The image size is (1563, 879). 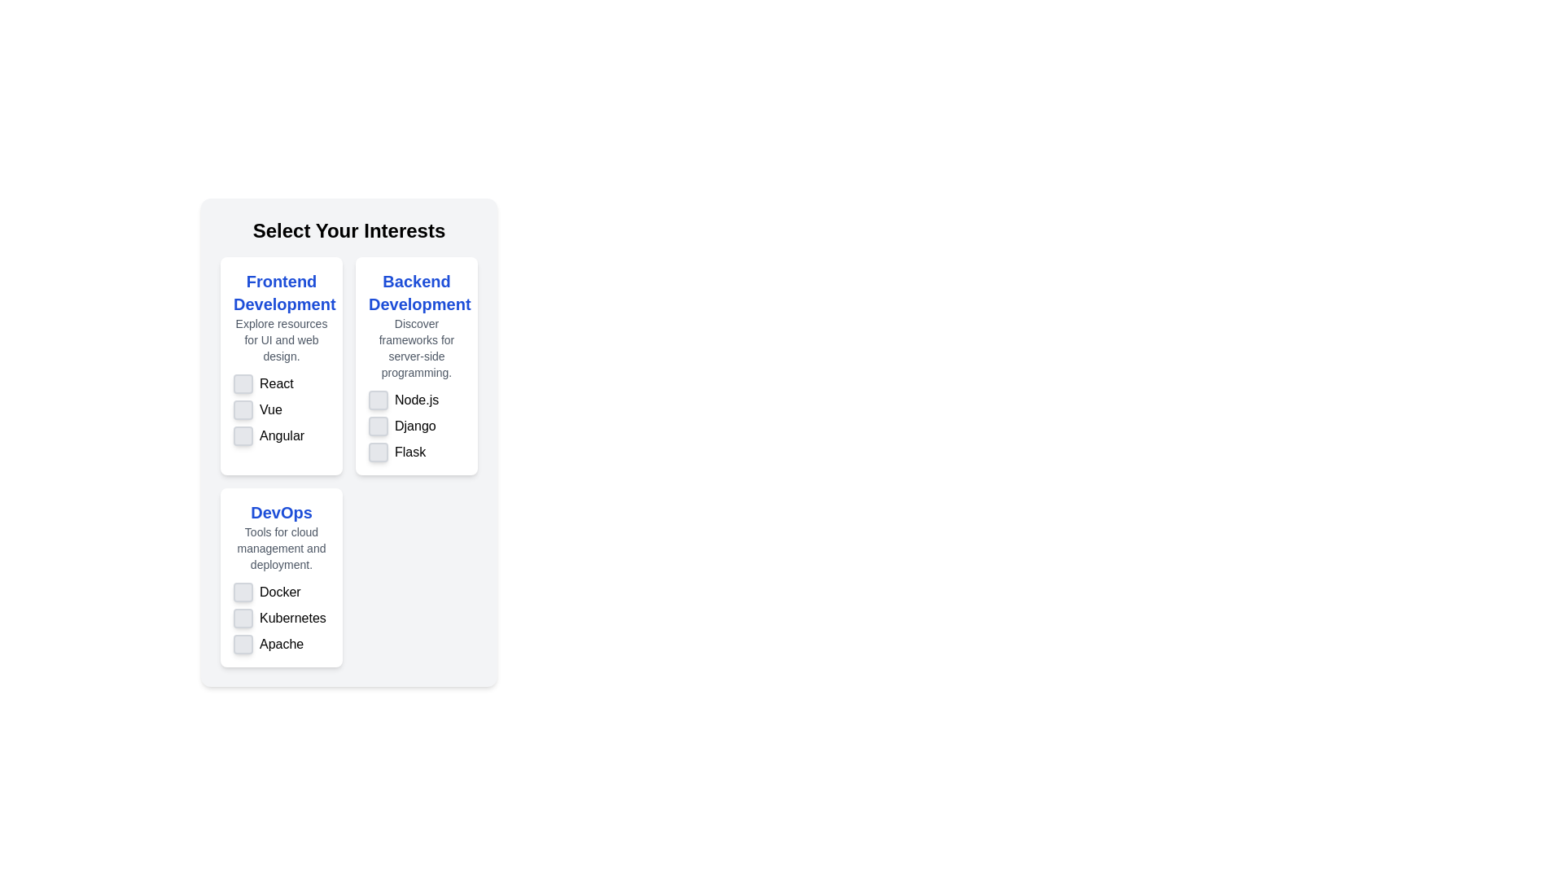 I want to click on the checkbox labeled 'Vue', so click(x=281, y=409).